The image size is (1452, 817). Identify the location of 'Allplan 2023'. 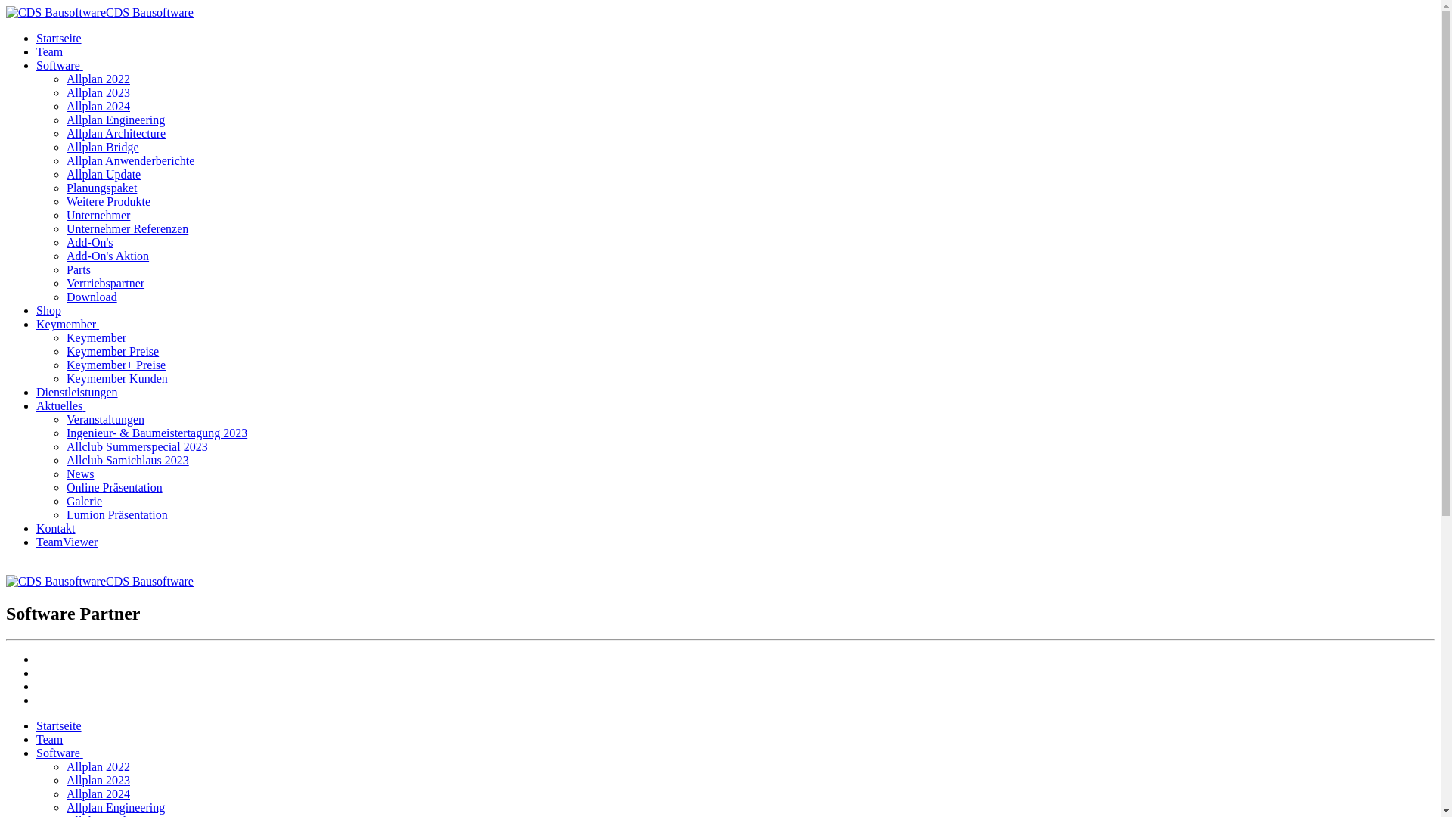
(97, 780).